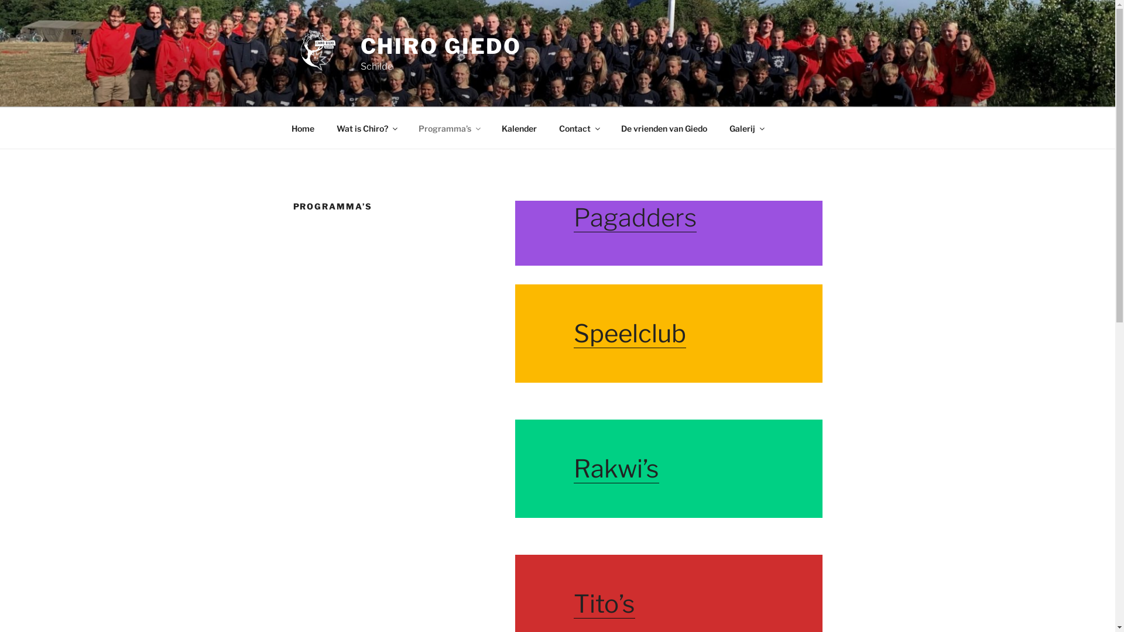 The image size is (1124, 632). What do you see at coordinates (440, 45) in the screenshot?
I see `'CHIRO GIEDO'` at bounding box center [440, 45].